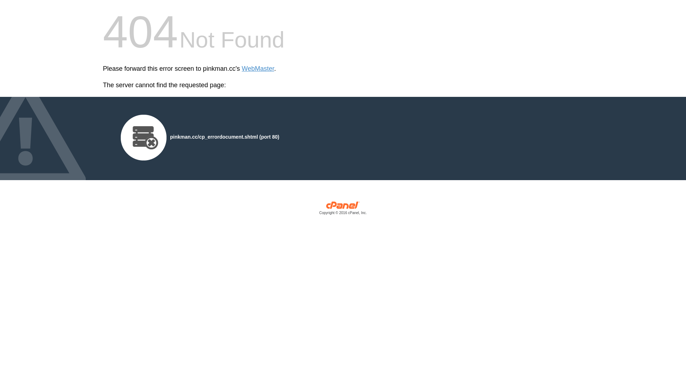 This screenshot has height=386, width=686. Describe the element at coordinates (258, 69) in the screenshot. I see `'WebMaster'` at that location.